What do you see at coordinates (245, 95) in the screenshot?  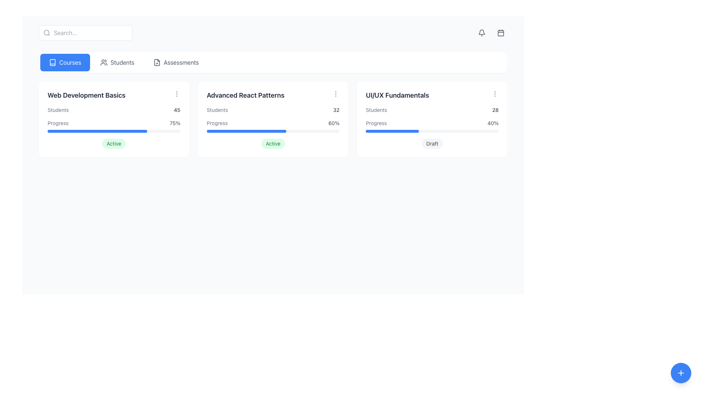 I see `text label located at the top of the middle card in a three-card row layout, which serves as a title or heading for the section below` at bounding box center [245, 95].